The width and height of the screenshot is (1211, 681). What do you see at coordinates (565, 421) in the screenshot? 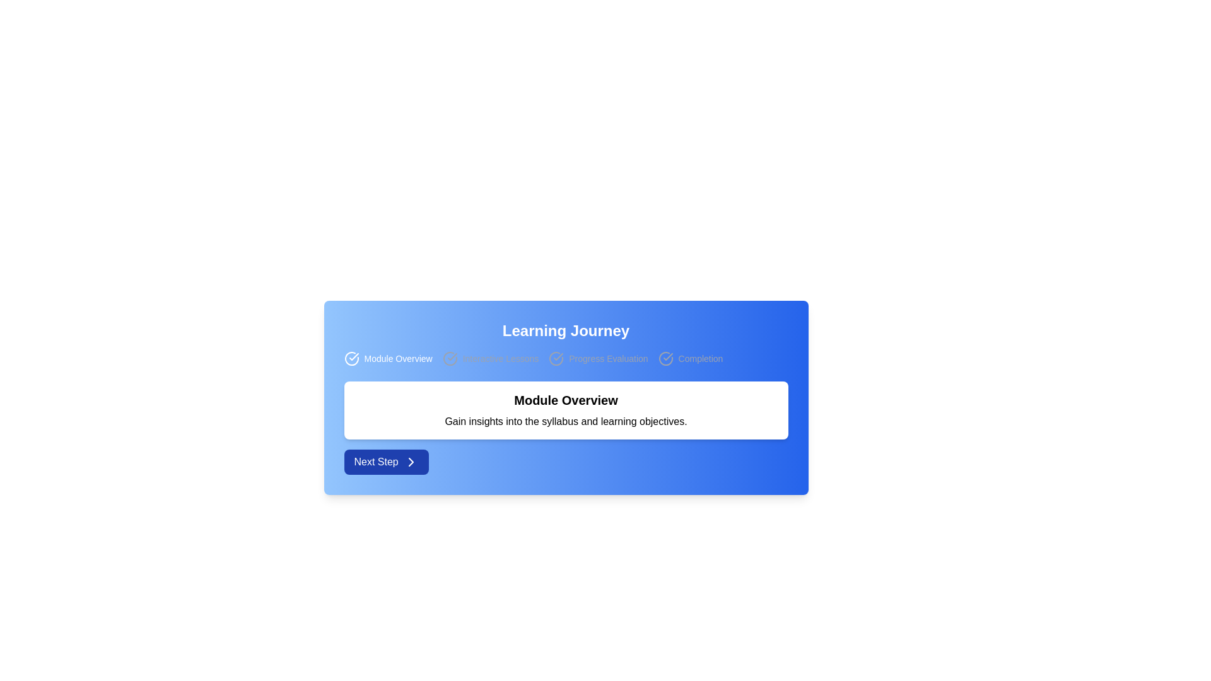
I see `the text fragment stating 'Gain insights into the syllabus and learning objectives.' which is styled with a standard font and aligned below the bold header 'Module Overview'` at bounding box center [565, 421].